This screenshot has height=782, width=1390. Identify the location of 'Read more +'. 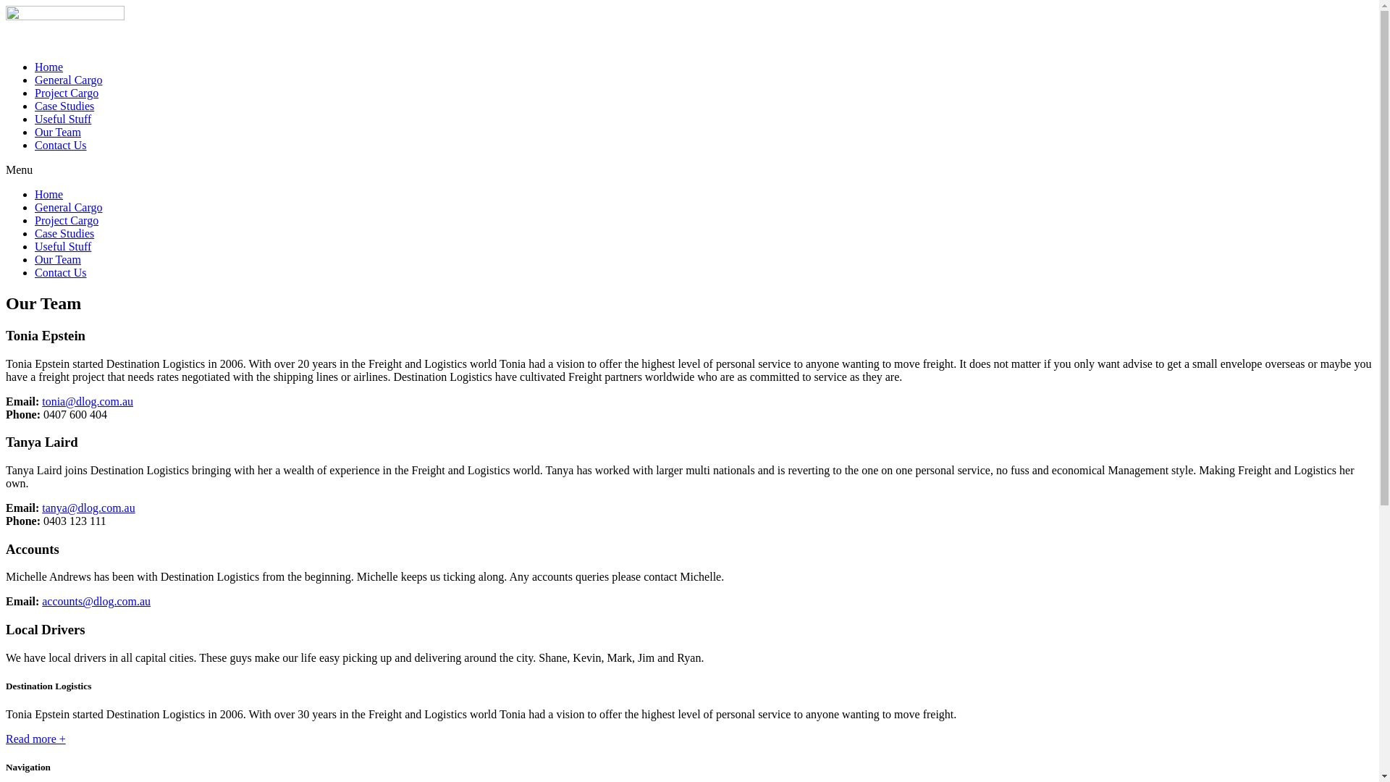
(35, 739).